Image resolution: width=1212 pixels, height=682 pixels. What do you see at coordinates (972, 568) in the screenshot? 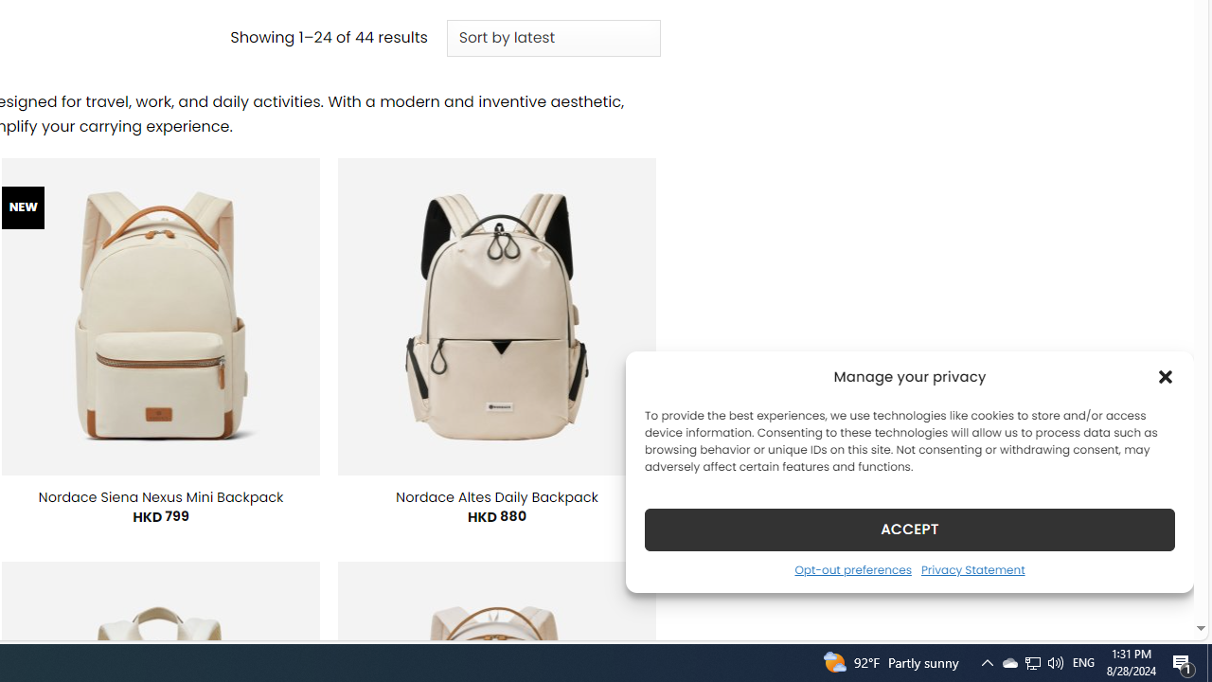
I see `'Privacy Statement'` at bounding box center [972, 568].